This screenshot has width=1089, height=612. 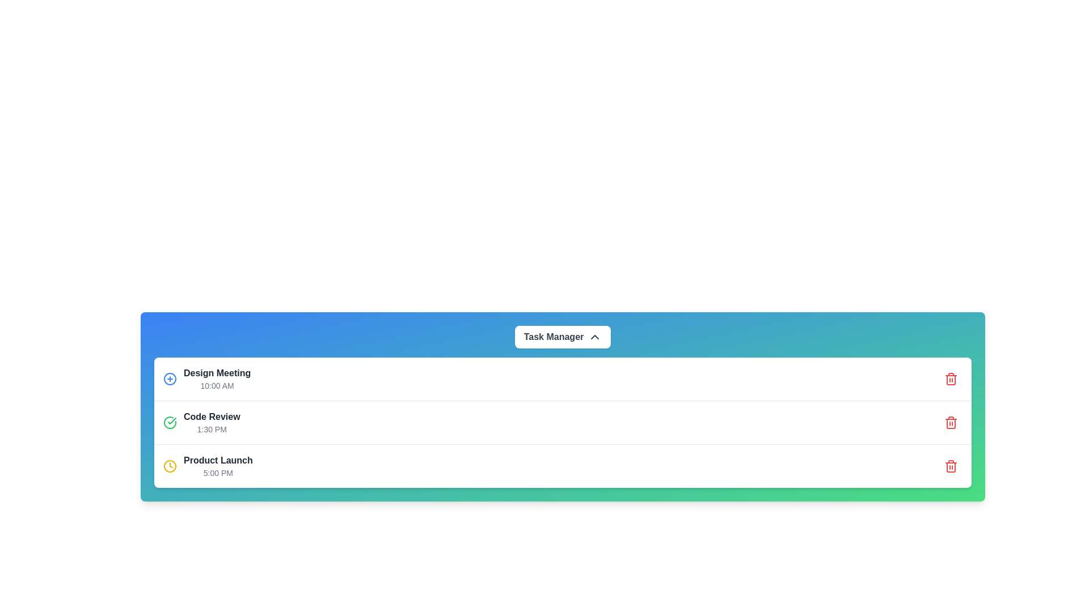 What do you see at coordinates (169, 379) in the screenshot?
I see `the circular SVG graphic element styled as a gray or blue circle with a plus sign in its center, located within the 'Design Meeting' list item` at bounding box center [169, 379].